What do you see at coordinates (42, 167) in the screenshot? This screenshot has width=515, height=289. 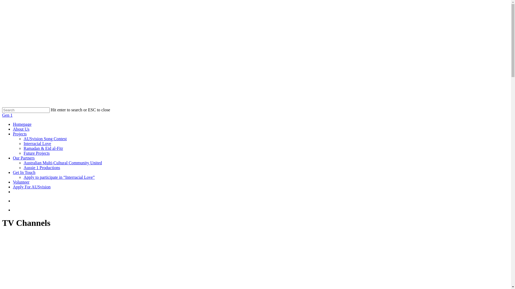 I see `'Aussie 1 Productions'` at bounding box center [42, 167].